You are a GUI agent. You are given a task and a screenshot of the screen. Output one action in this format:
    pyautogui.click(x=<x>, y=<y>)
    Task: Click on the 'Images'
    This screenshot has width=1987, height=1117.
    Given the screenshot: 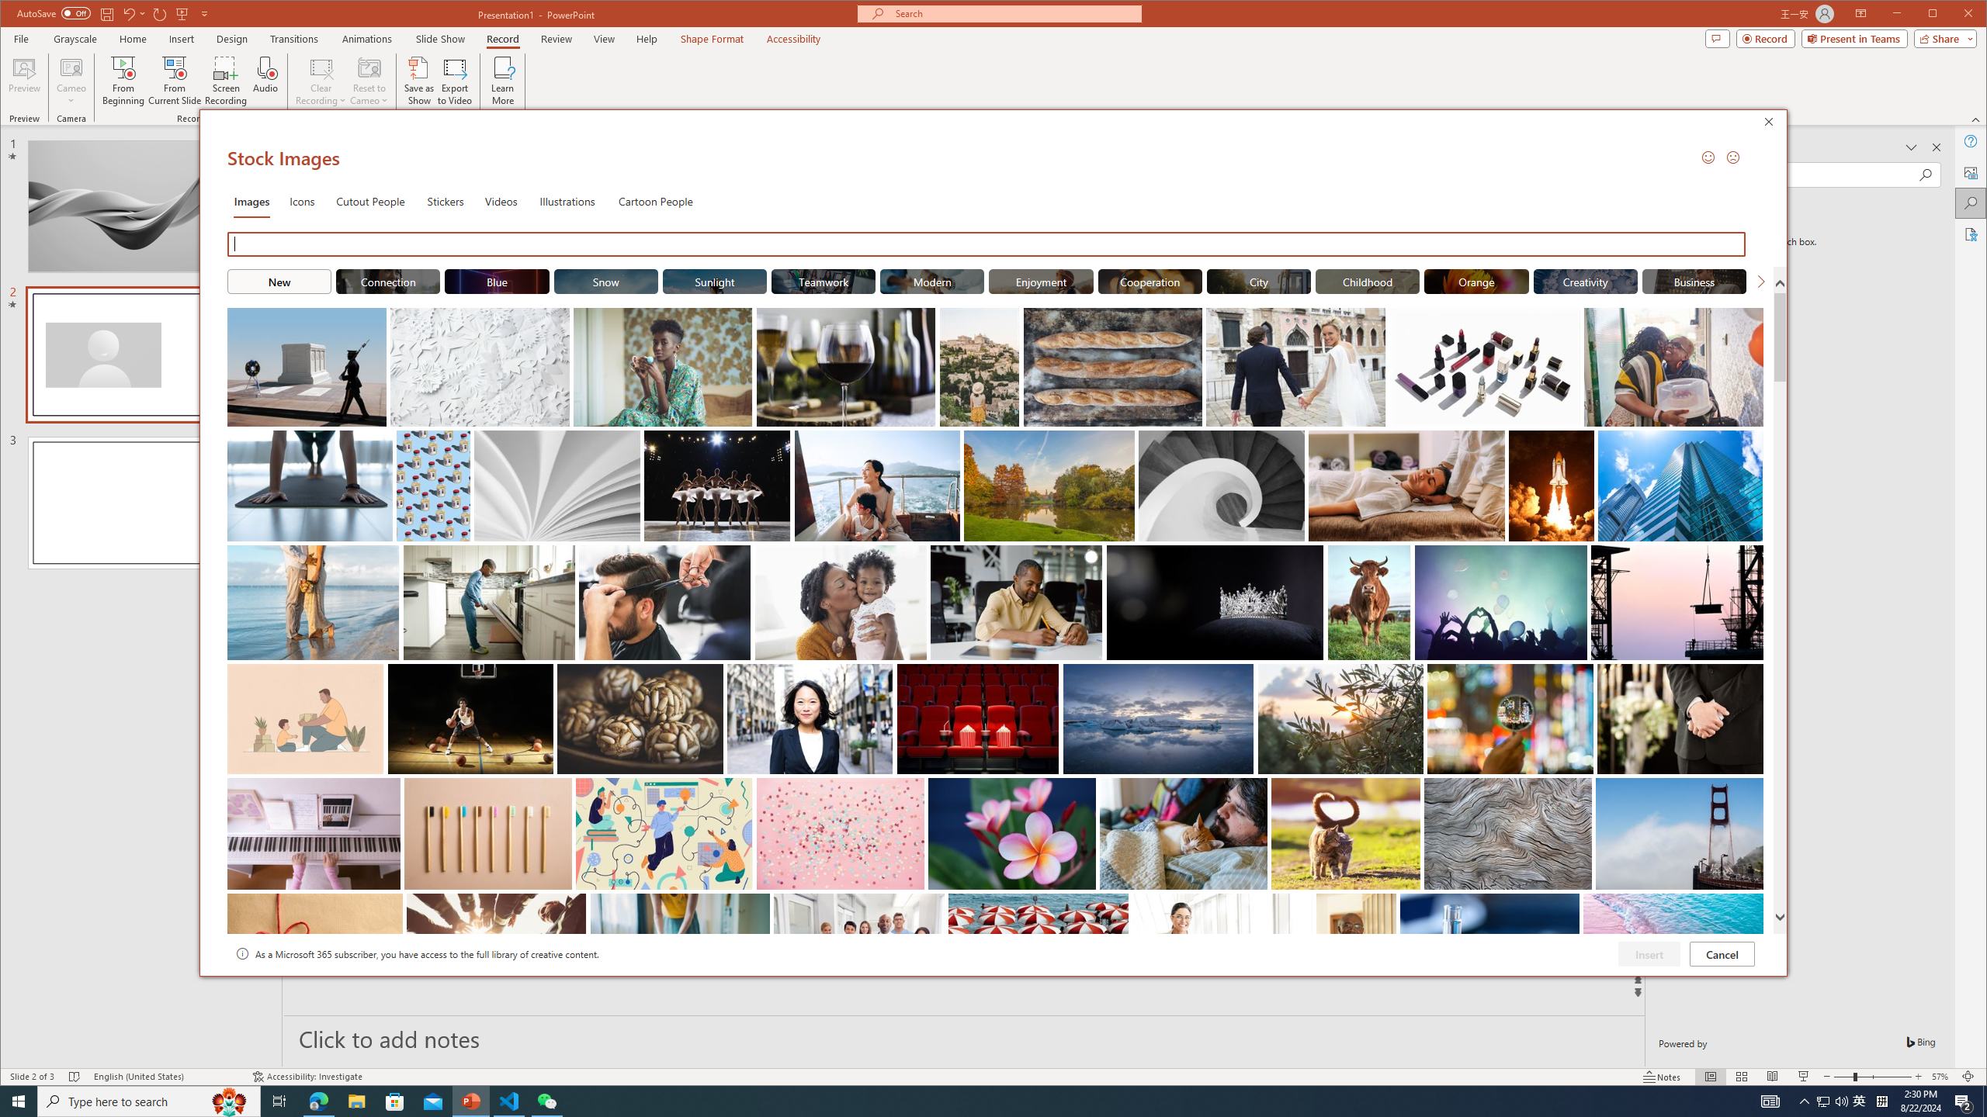 What is the action you would take?
    pyautogui.click(x=250, y=200)
    